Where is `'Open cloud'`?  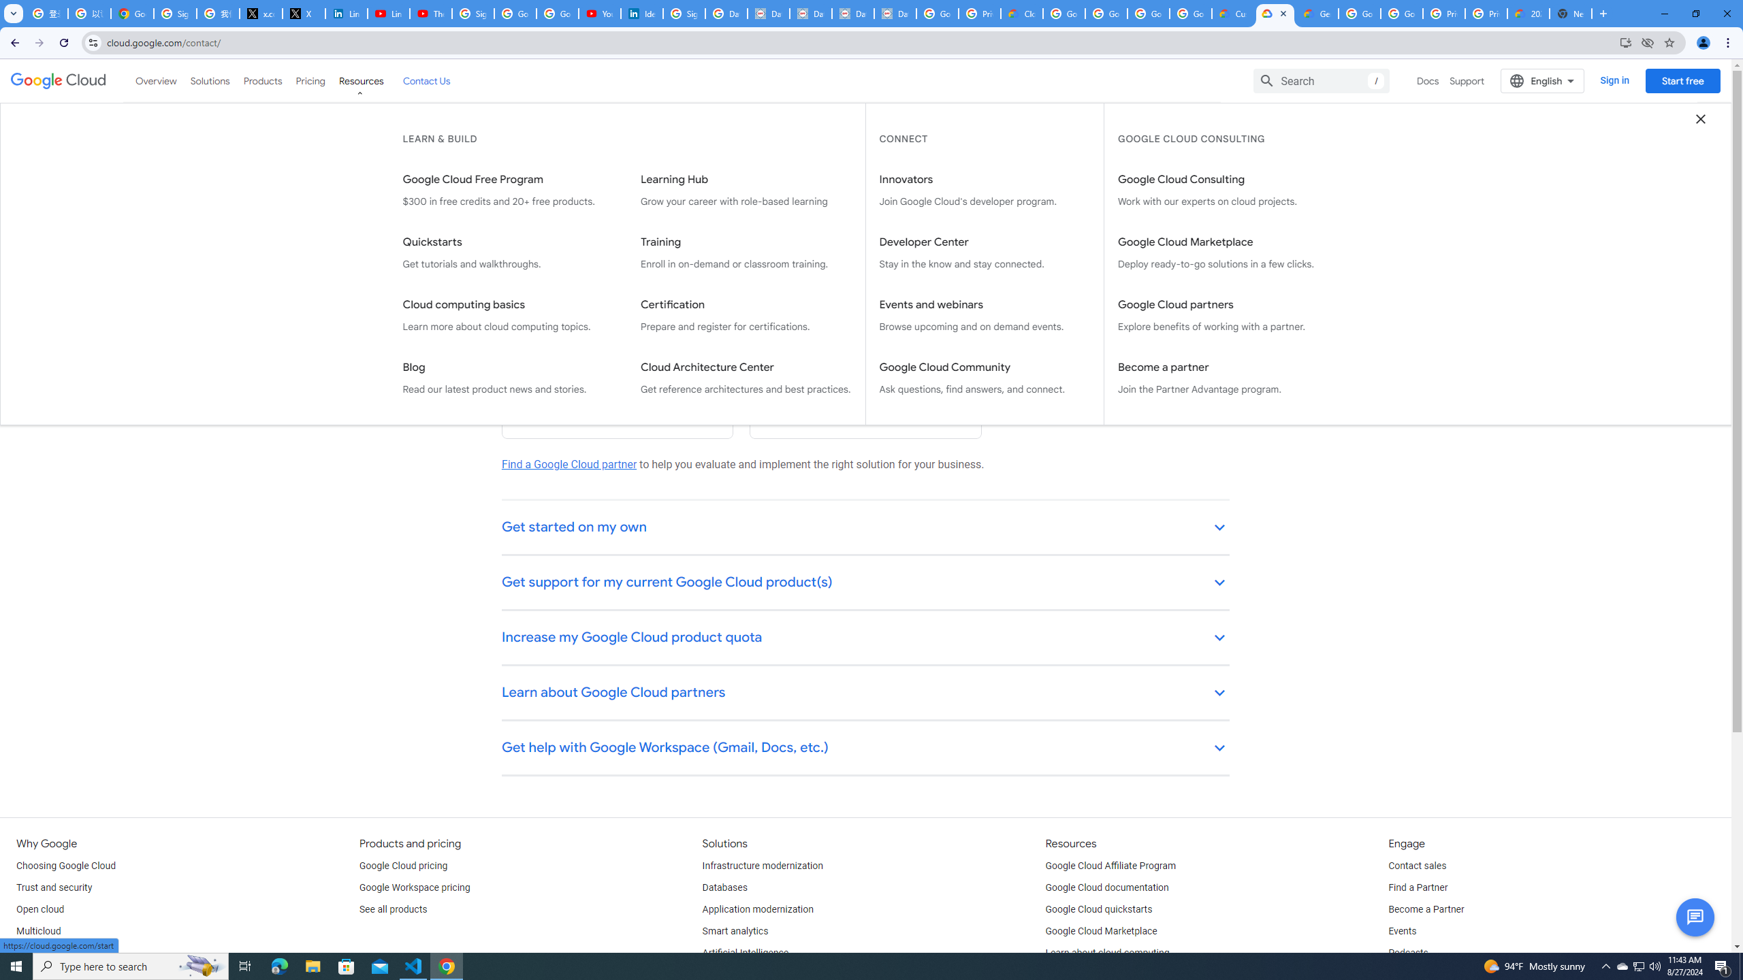 'Open cloud' is located at coordinates (39, 909).